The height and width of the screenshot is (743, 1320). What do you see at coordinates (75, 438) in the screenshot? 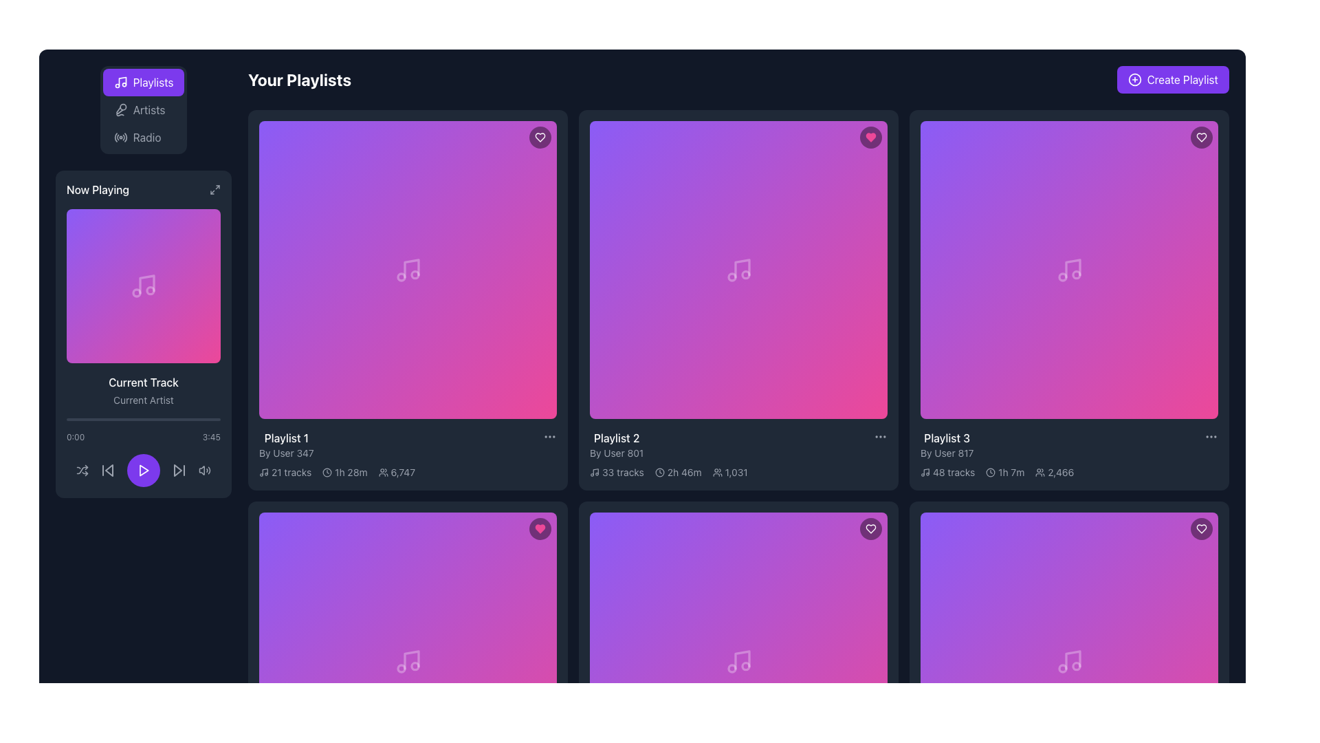
I see `the Text Label indicating the current playback position of the track in the 'Now Playing' section, located beneath the artwork and track information` at bounding box center [75, 438].